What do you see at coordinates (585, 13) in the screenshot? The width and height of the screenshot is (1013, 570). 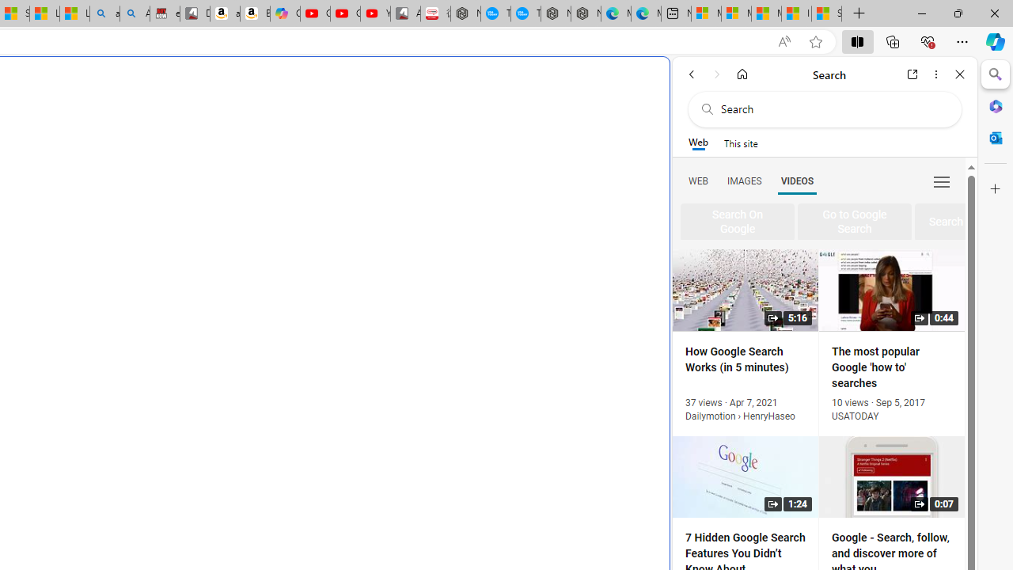 I see `'Nordace - Nordace has arrived Hong Kong'` at bounding box center [585, 13].